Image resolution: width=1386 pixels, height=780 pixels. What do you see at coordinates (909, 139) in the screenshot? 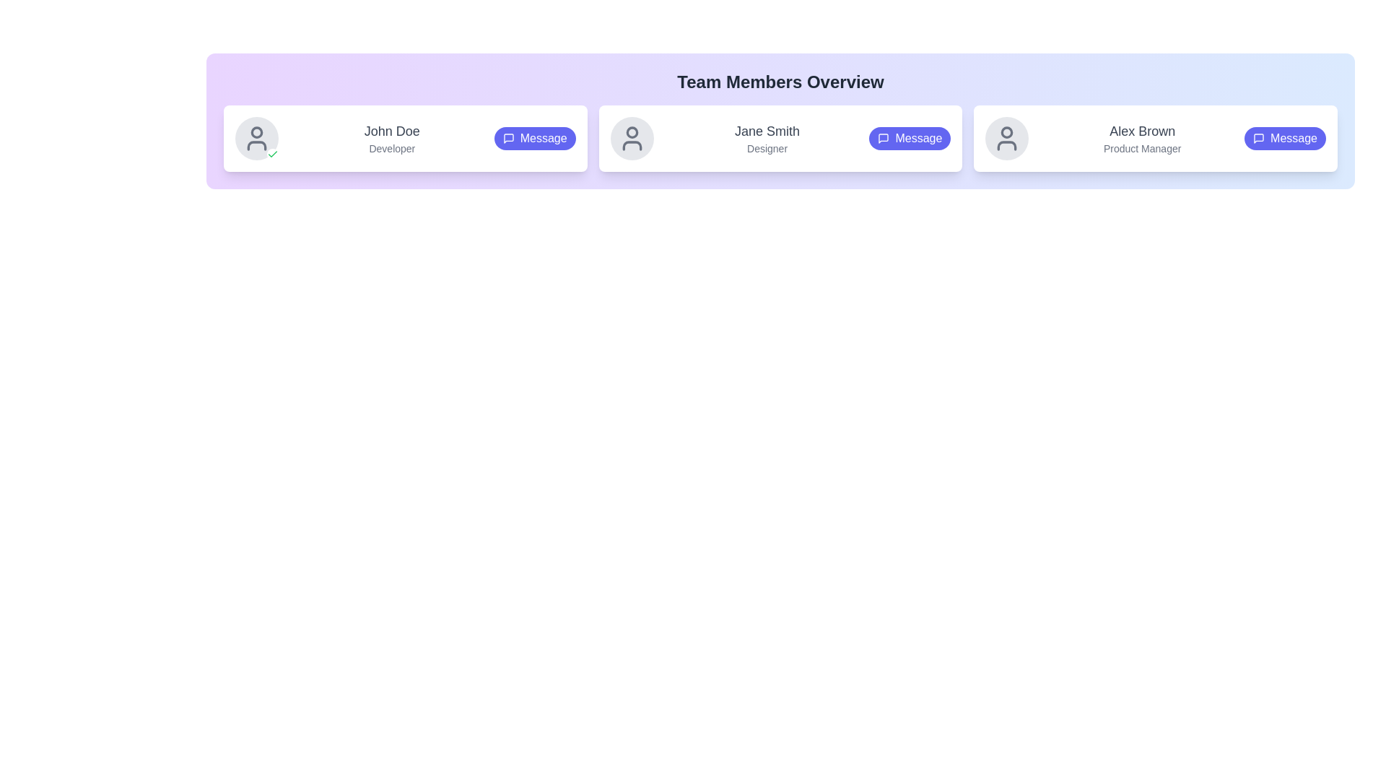
I see `the messaging button for 'Jane Smith' located in the bottom right corner of her card` at bounding box center [909, 139].